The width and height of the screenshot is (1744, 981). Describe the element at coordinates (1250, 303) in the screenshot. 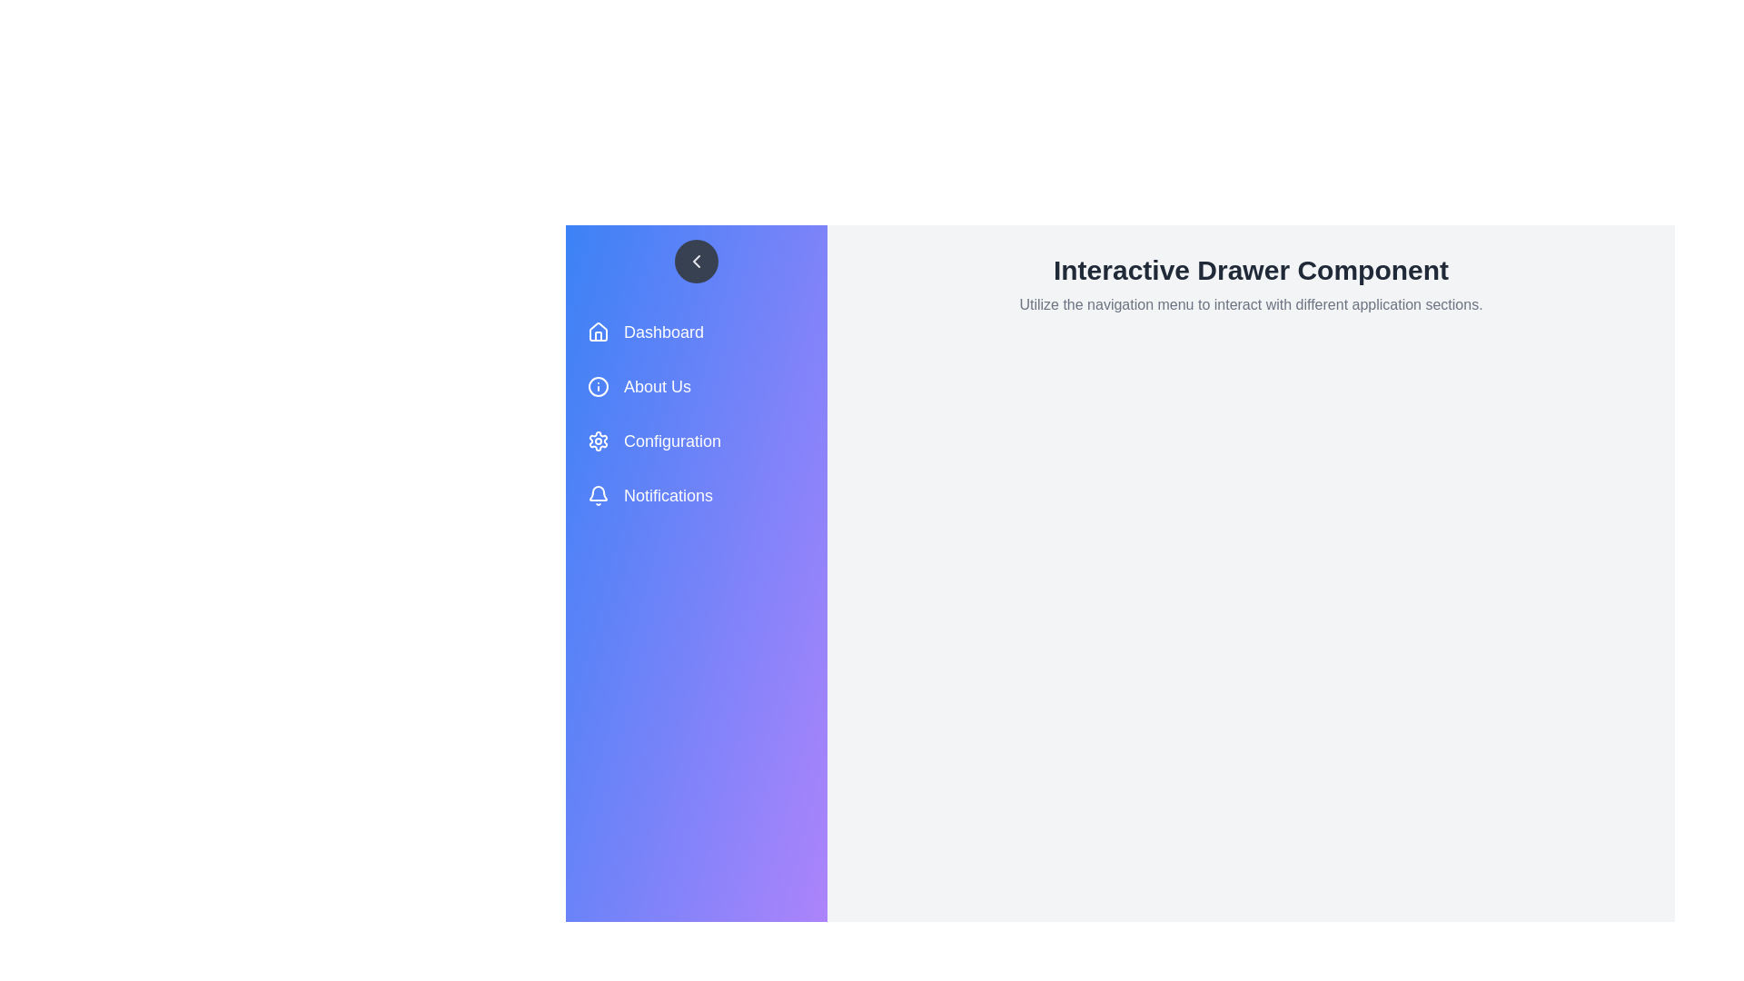

I see `instruction text located directly beneath the header 'Interactive Drawer Component', styled in a smaller font size and lighter gray color` at that location.